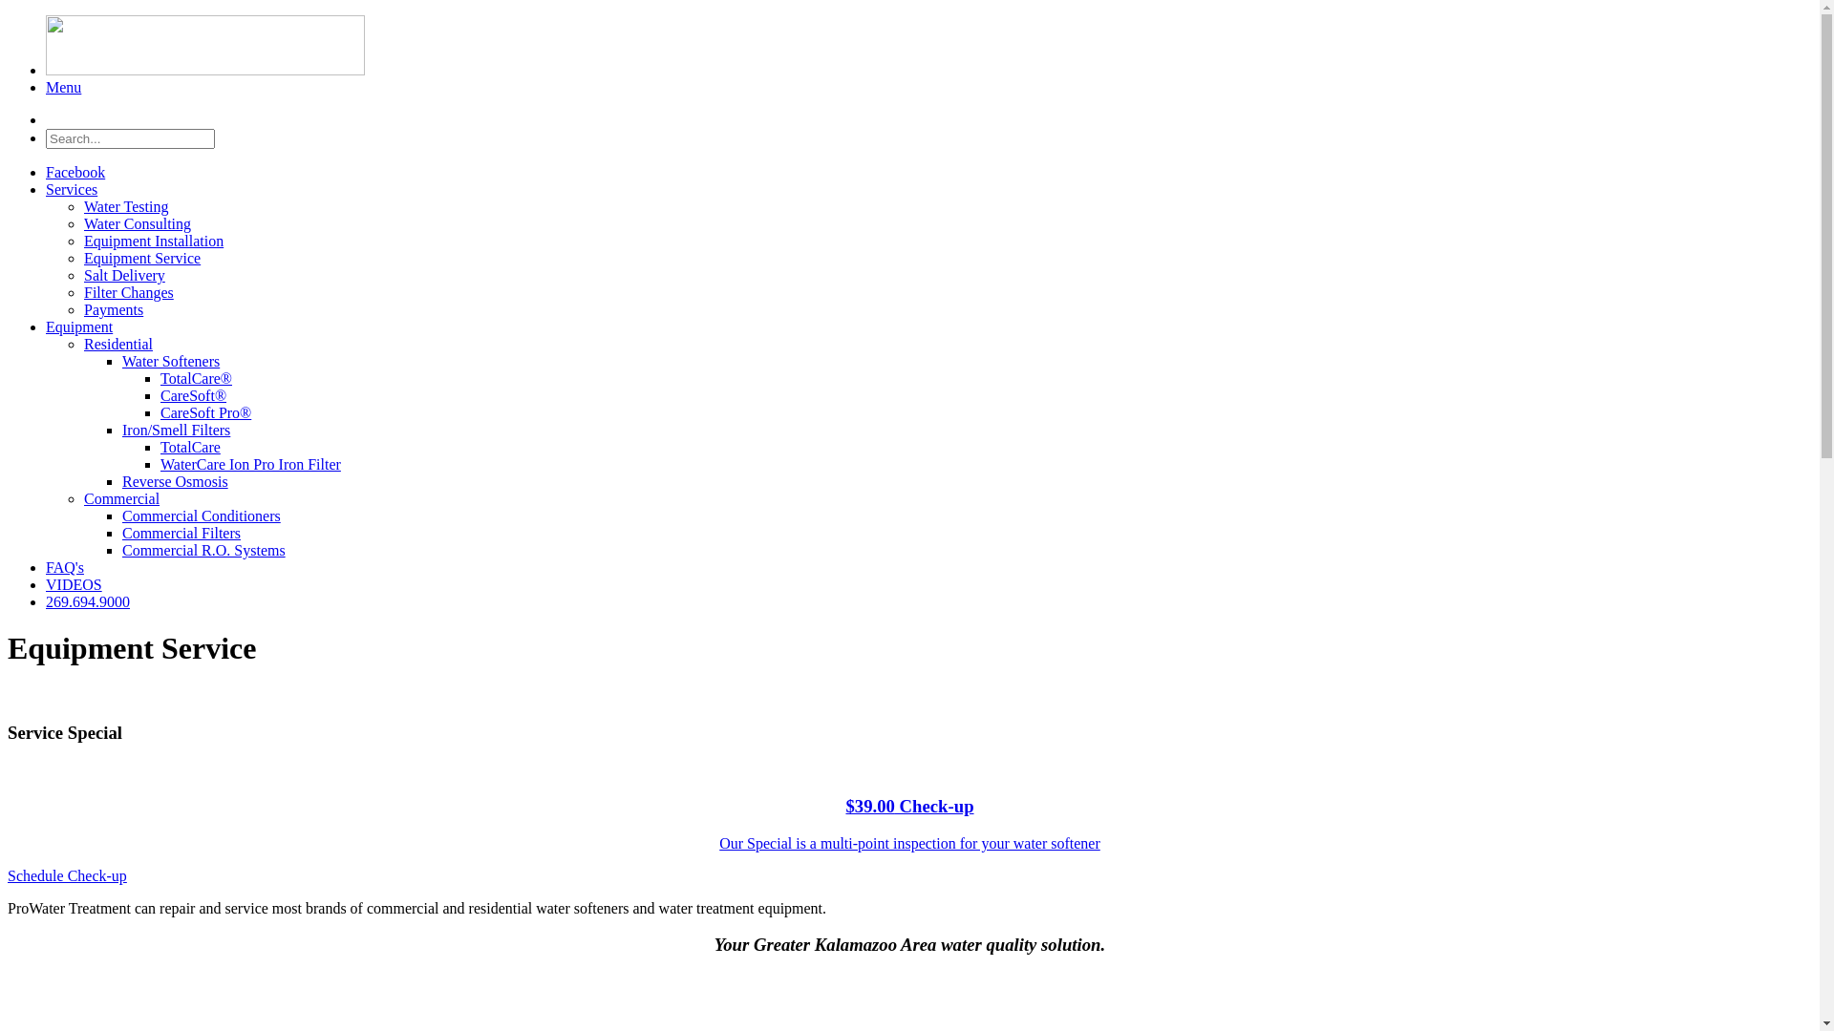 The image size is (1834, 1031). What do you see at coordinates (160, 464) in the screenshot?
I see `'WaterCare Ion Pro Iron Filter'` at bounding box center [160, 464].